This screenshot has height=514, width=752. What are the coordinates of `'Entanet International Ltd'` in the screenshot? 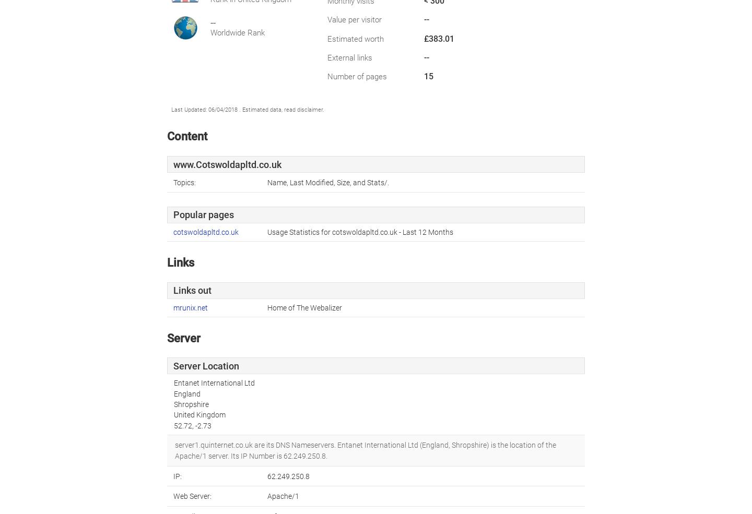 It's located at (213, 383).